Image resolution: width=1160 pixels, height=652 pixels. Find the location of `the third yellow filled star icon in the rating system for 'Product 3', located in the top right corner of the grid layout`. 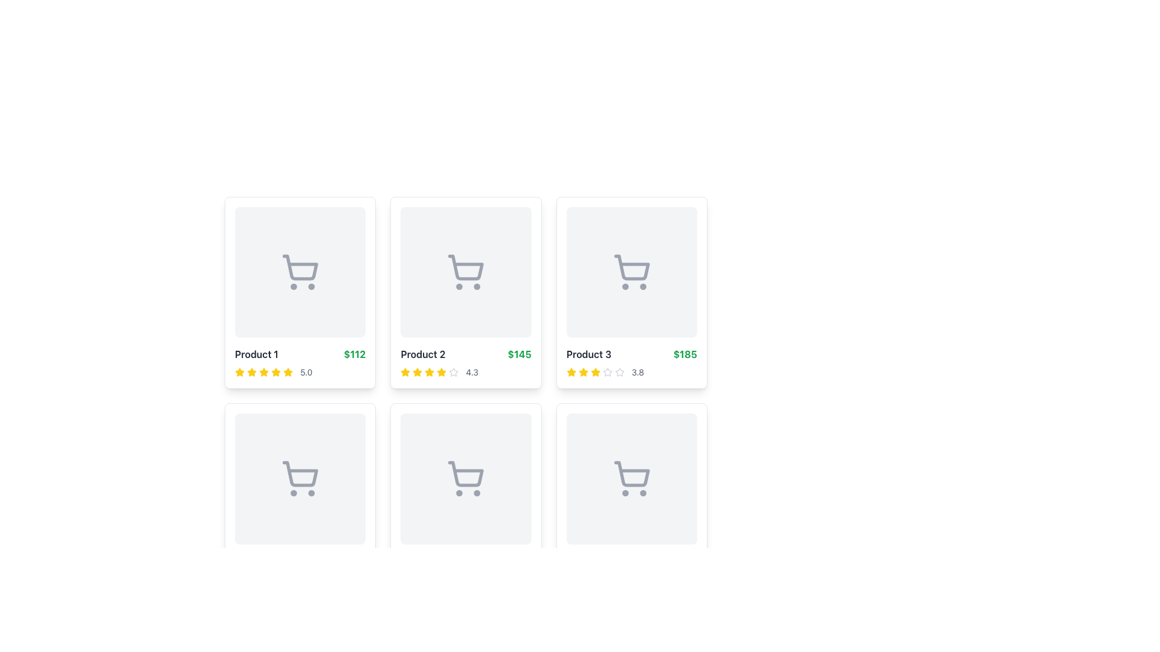

the third yellow filled star icon in the rating system for 'Product 3', located in the top right corner of the grid layout is located at coordinates (570, 372).